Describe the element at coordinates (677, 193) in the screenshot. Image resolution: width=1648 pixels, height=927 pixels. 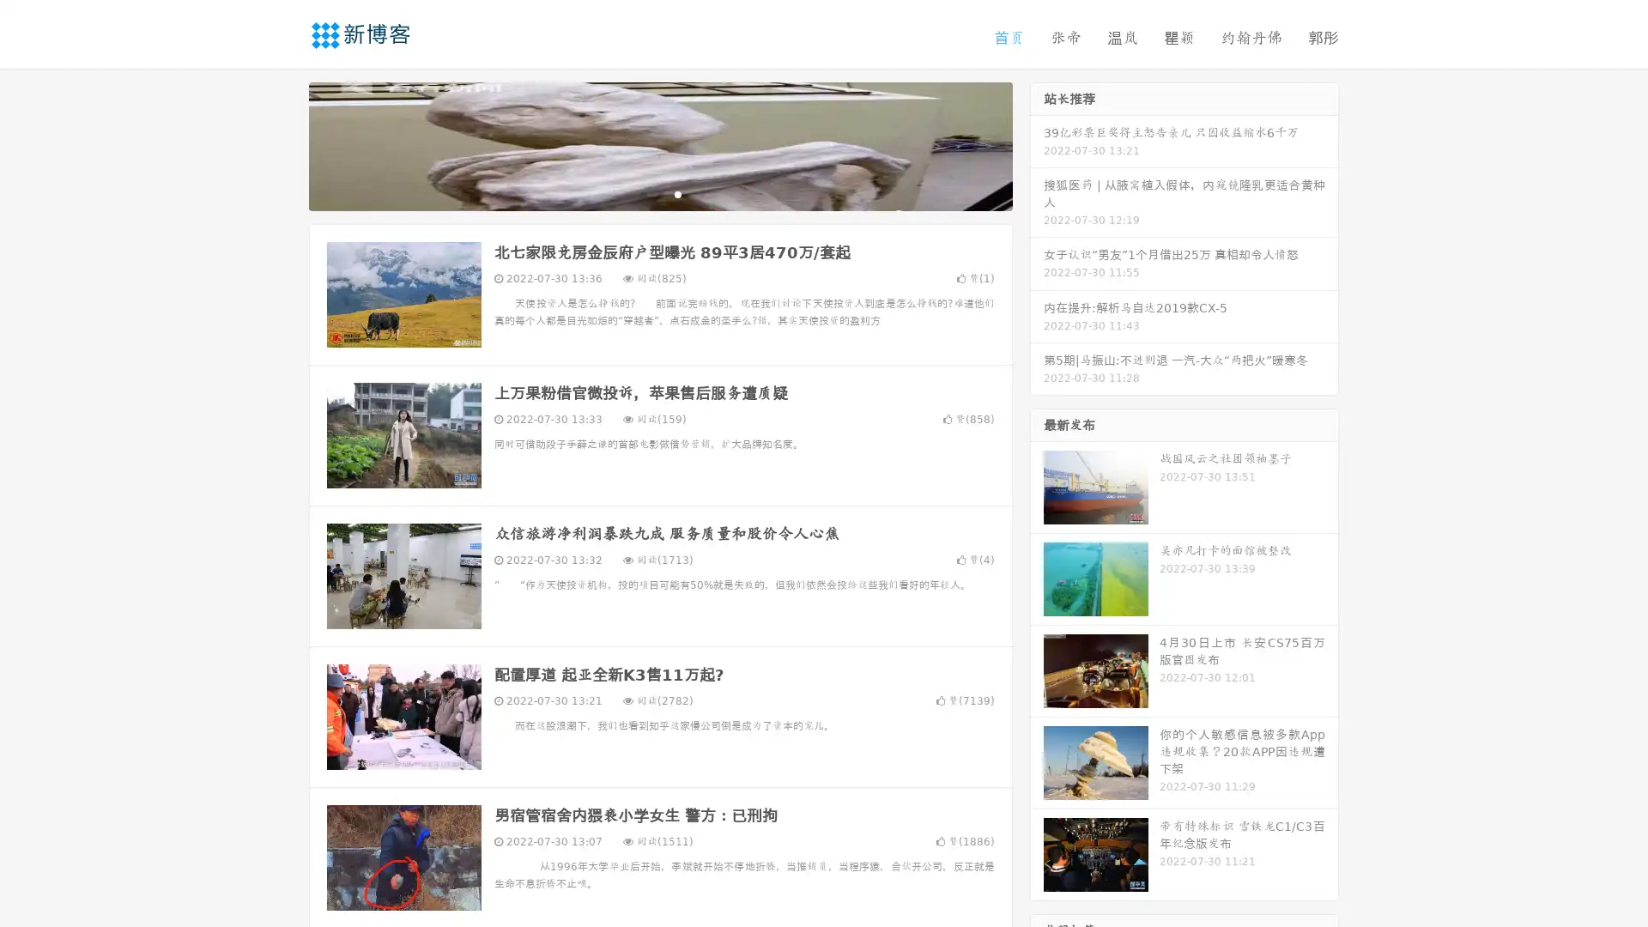
I see `Go to slide 3` at that location.